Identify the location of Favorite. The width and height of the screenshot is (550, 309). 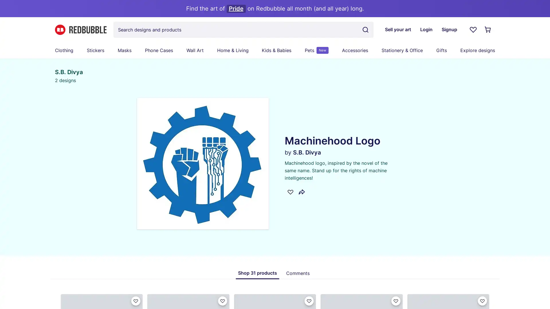
(395, 301).